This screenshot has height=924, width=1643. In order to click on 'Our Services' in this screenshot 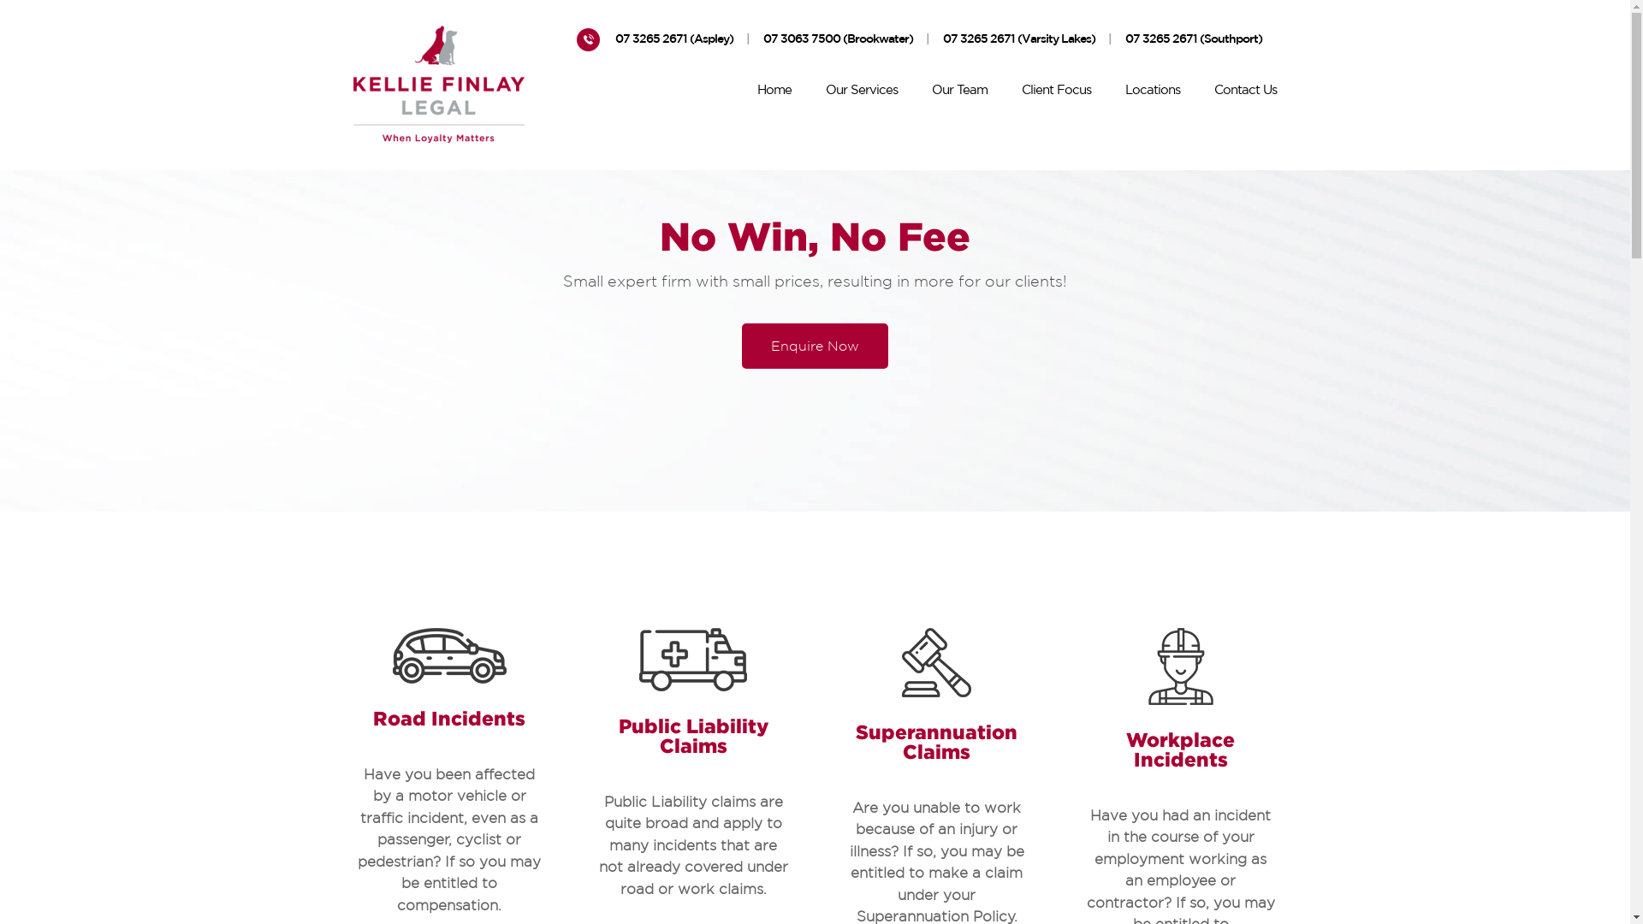, I will do `click(862, 92)`.